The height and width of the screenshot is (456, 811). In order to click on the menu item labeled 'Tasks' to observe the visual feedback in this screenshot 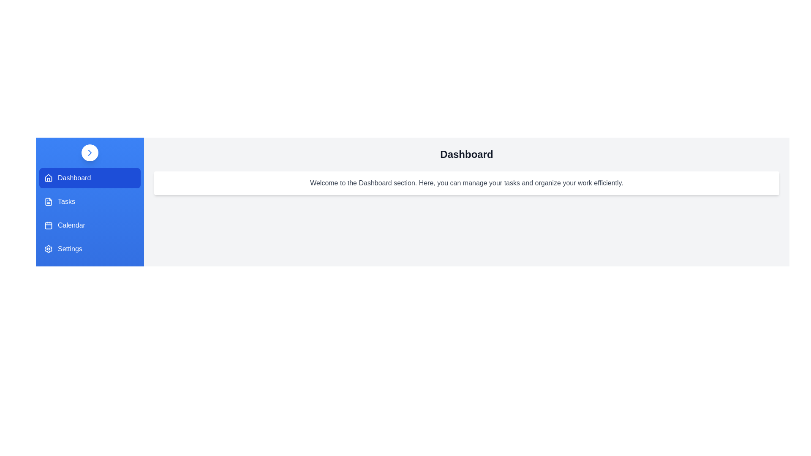, I will do `click(90, 202)`.